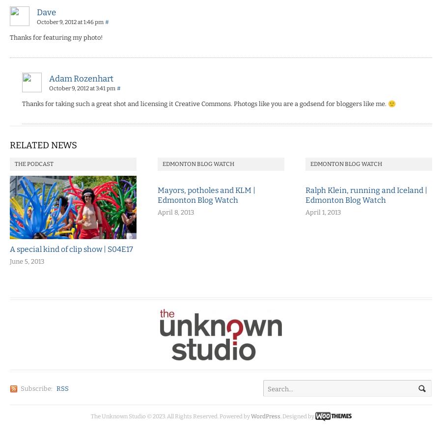  What do you see at coordinates (56, 37) in the screenshot?
I see `'Thanks for featuring my photo!'` at bounding box center [56, 37].